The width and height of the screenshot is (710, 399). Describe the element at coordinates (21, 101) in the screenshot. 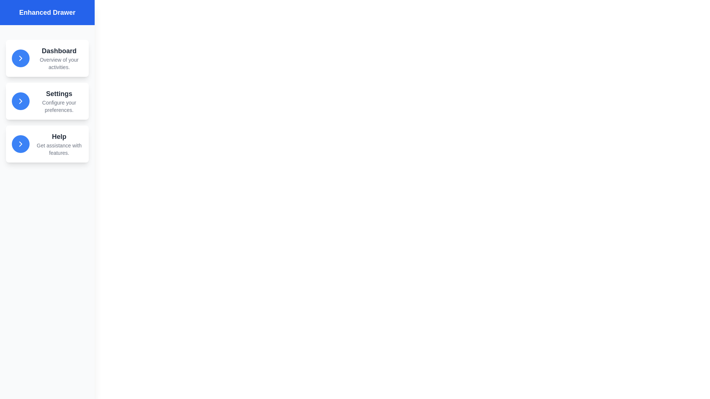

I see `the icon of Settings in the drawer to navigate to the respective section` at that location.